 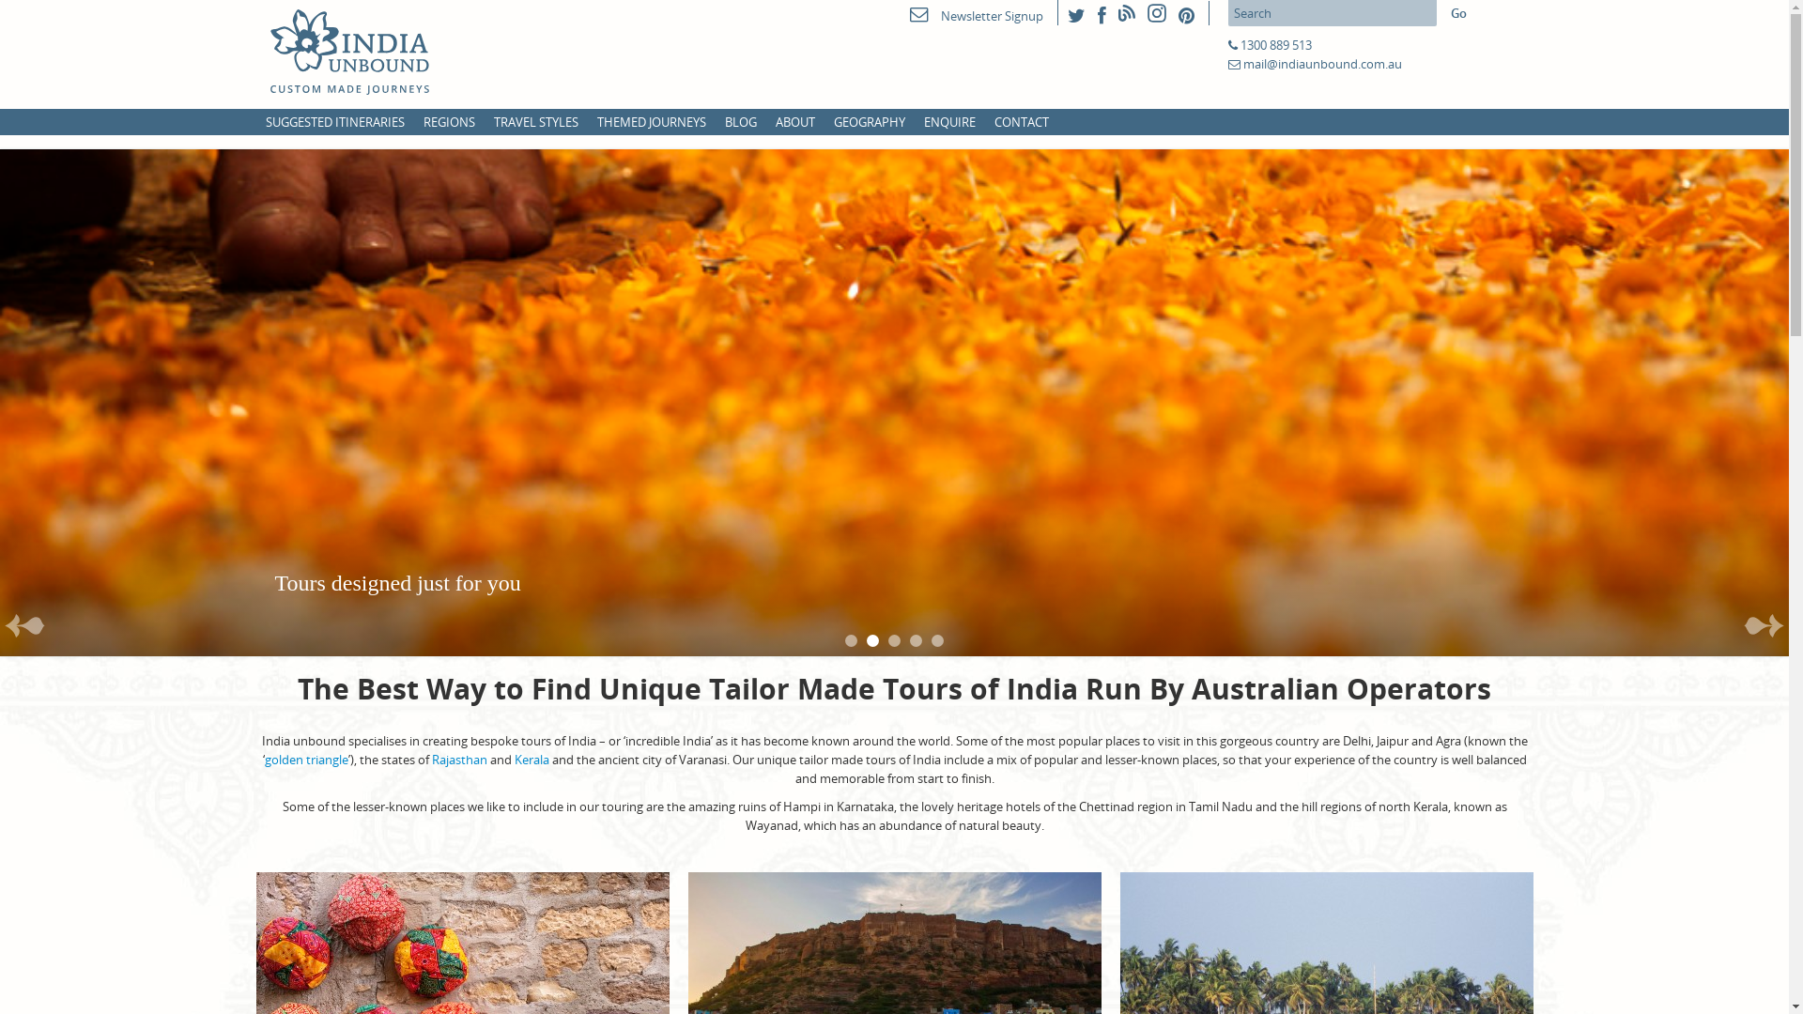 I want to click on 'Rajasthan', so click(x=459, y=759).